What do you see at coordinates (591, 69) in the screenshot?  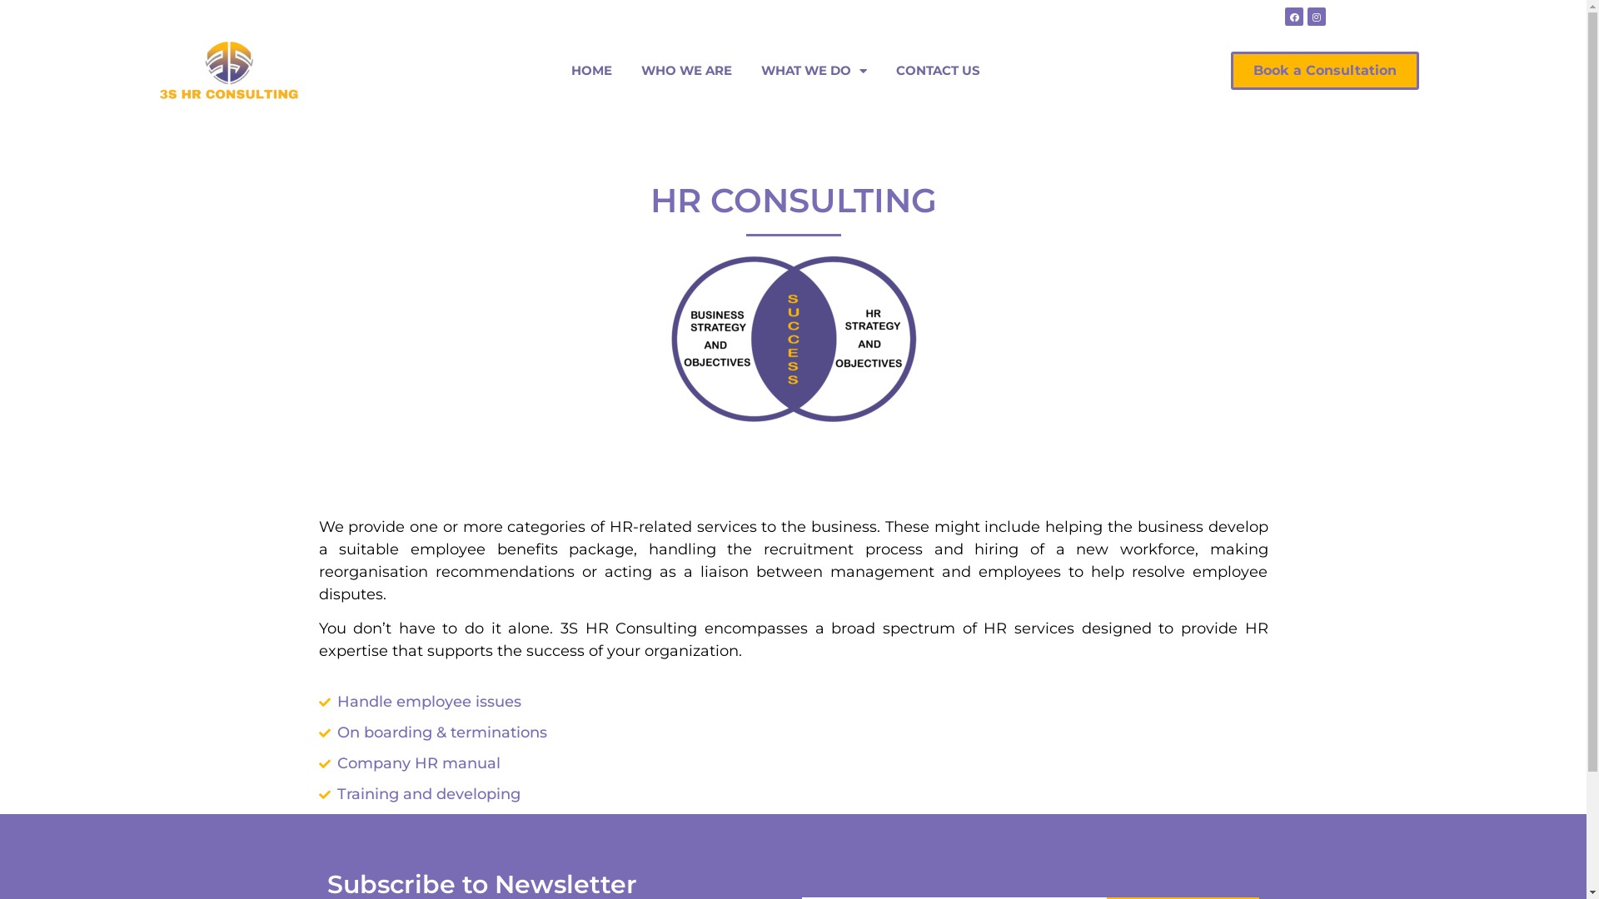 I see `'HOME'` at bounding box center [591, 69].